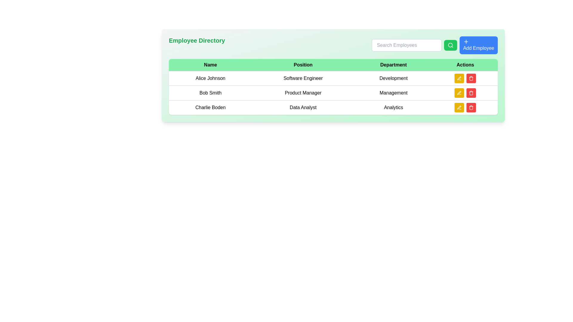 Image resolution: width=573 pixels, height=322 pixels. I want to click on the static text label indicating the department associated with employee 'Bob Smith' located in the third column of the second row of the table, so click(393, 93).